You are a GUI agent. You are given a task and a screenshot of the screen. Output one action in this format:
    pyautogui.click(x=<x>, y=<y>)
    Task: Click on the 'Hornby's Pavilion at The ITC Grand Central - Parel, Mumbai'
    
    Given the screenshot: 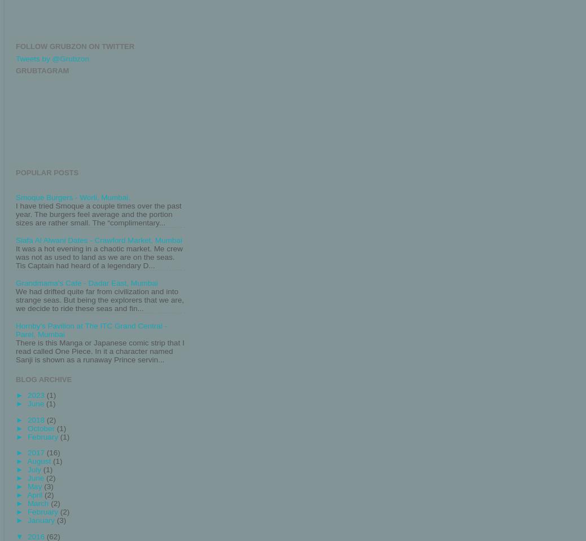 What is the action you would take?
    pyautogui.click(x=15, y=330)
    